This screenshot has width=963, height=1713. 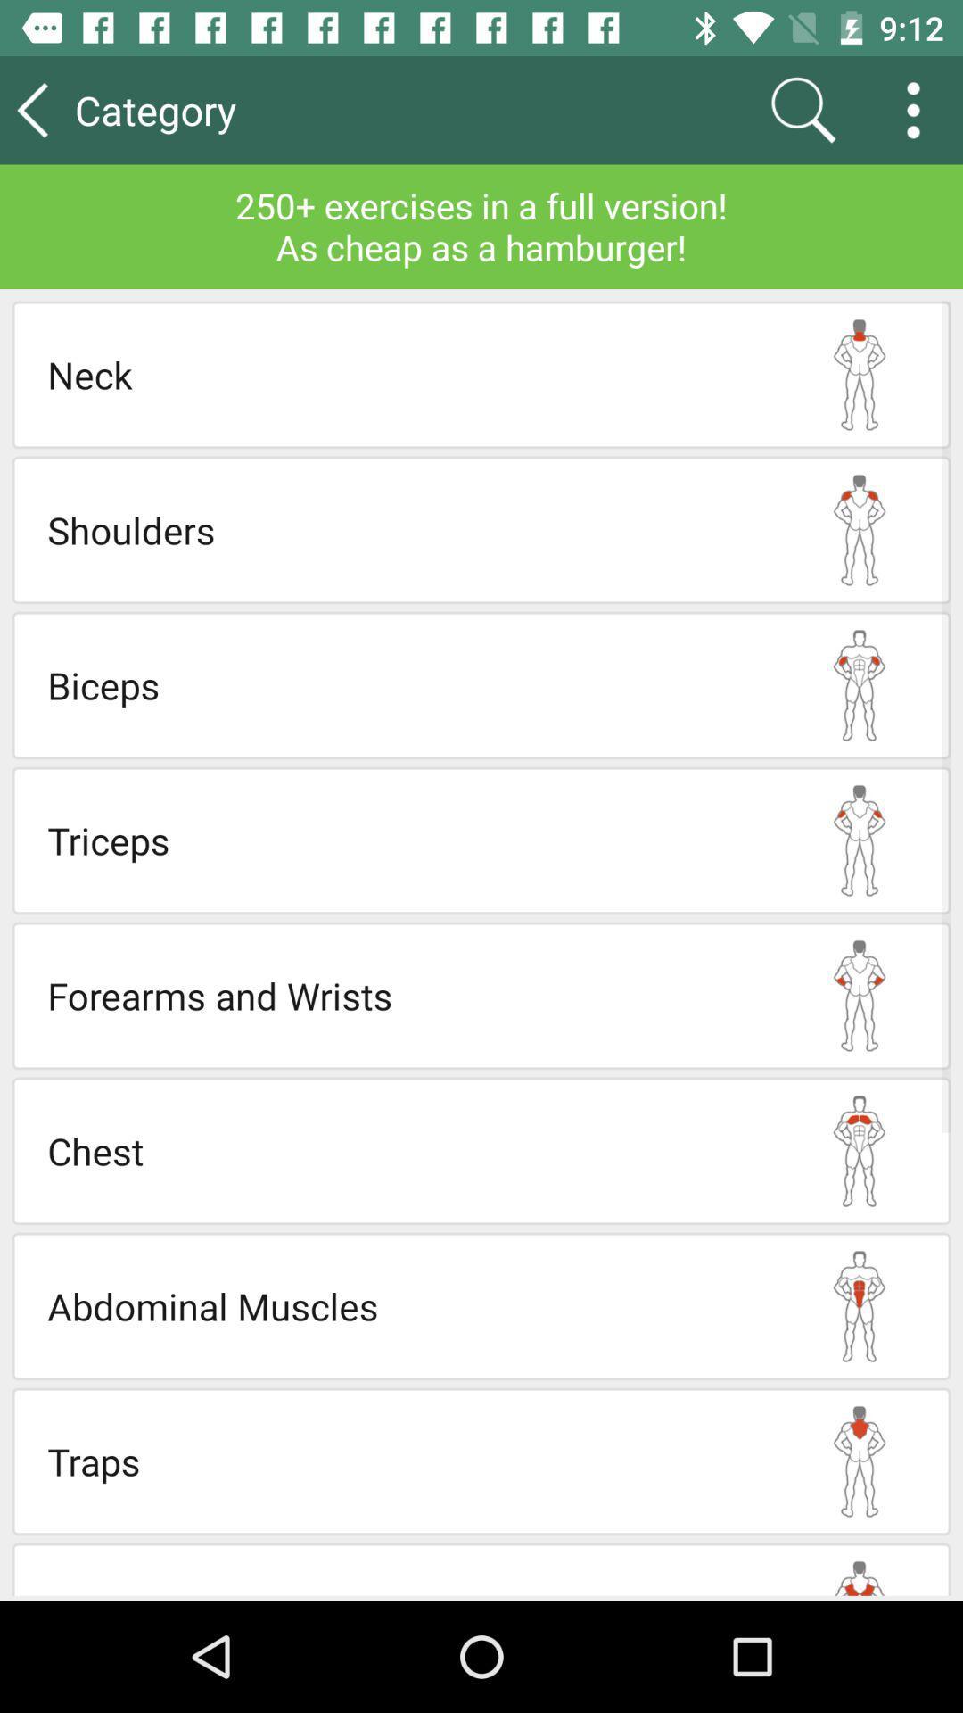 I want to click on traps app, so click(x=407, y=1461).